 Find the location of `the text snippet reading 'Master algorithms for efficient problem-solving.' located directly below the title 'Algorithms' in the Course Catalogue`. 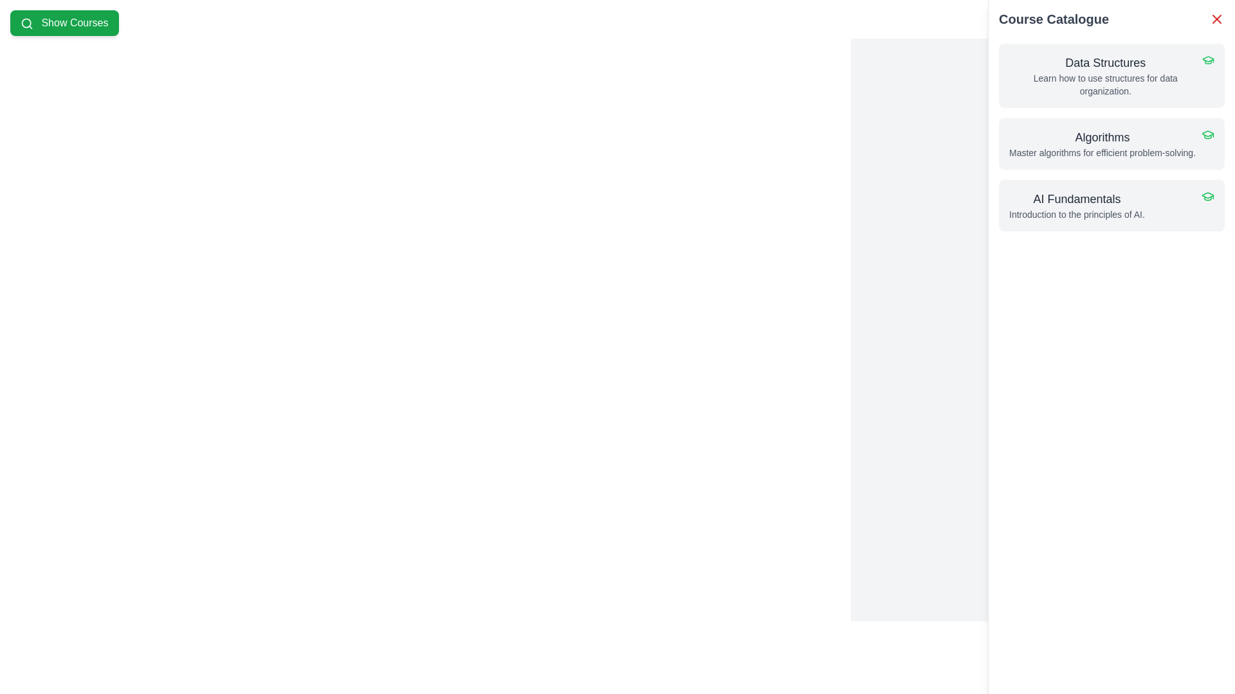

the text snippet reading 'Master algorithms for efficient problem-solving.' located directly below the title 'Algorithms' in the Course Catalogue is located at coordinates (1101, 152).